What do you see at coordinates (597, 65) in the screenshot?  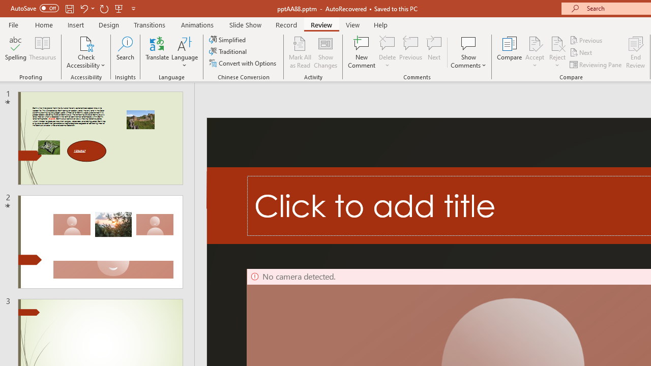 I see `'Reviewing Pane'` at bounding box center [597, 65].